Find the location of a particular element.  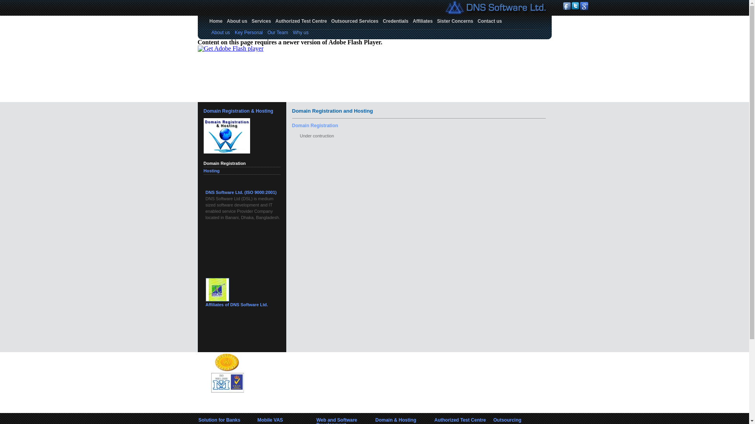

'Home' is located at coordinates (216, 21).